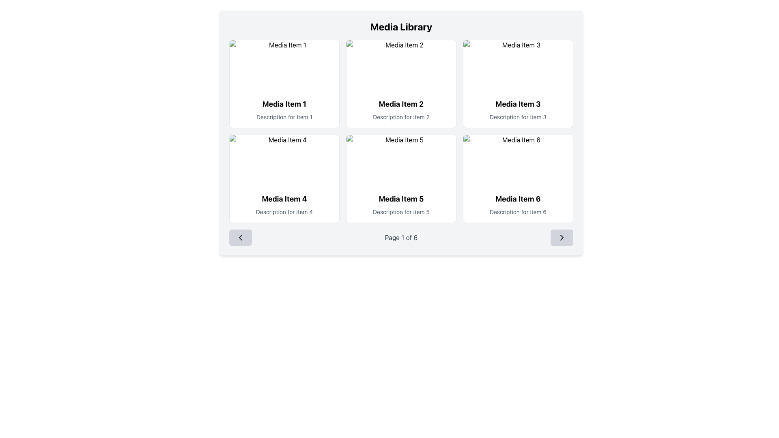 The height and width of the screenshot is (438, 779). Describe the element at coordinates (517, 117) in the screenshot. I see `description text located below the title 'Media Item 3' in the third column of the first row of the grid layout` at that location.